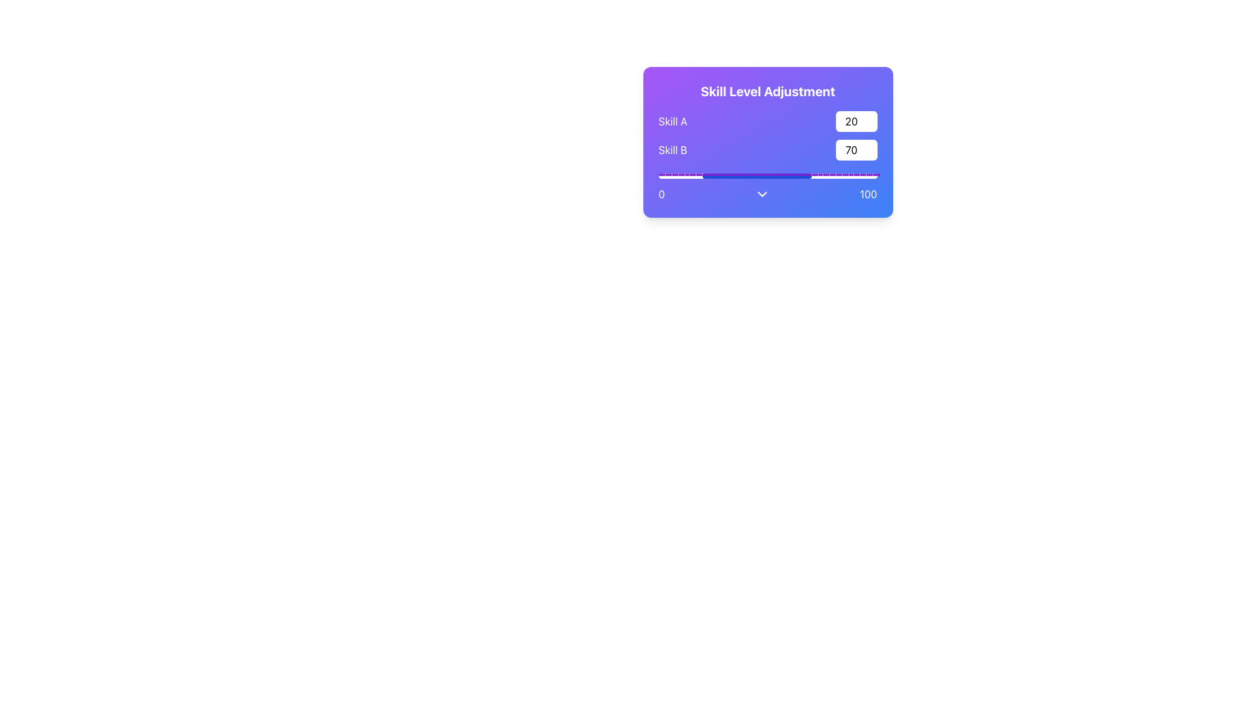  I want to click on the slider indicator icon located between the numerical labels '0' and '100', so click(762, 194).